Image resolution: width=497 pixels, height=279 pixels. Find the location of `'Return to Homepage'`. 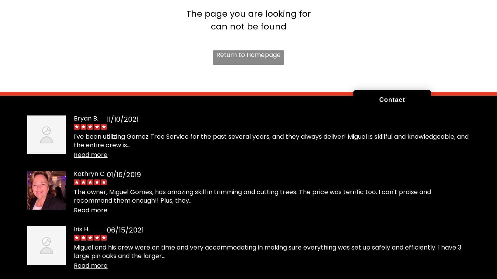

'Return to Homepage' is located at coordinates (248, 54).